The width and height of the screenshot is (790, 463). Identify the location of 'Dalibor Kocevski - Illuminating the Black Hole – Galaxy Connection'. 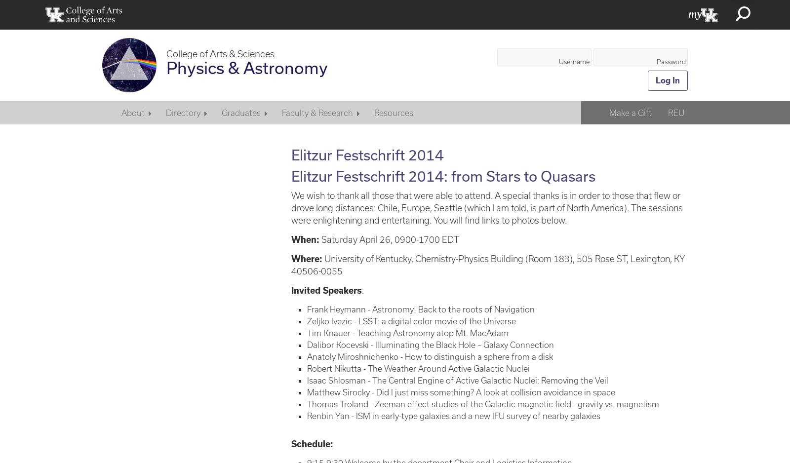
(430, 344).